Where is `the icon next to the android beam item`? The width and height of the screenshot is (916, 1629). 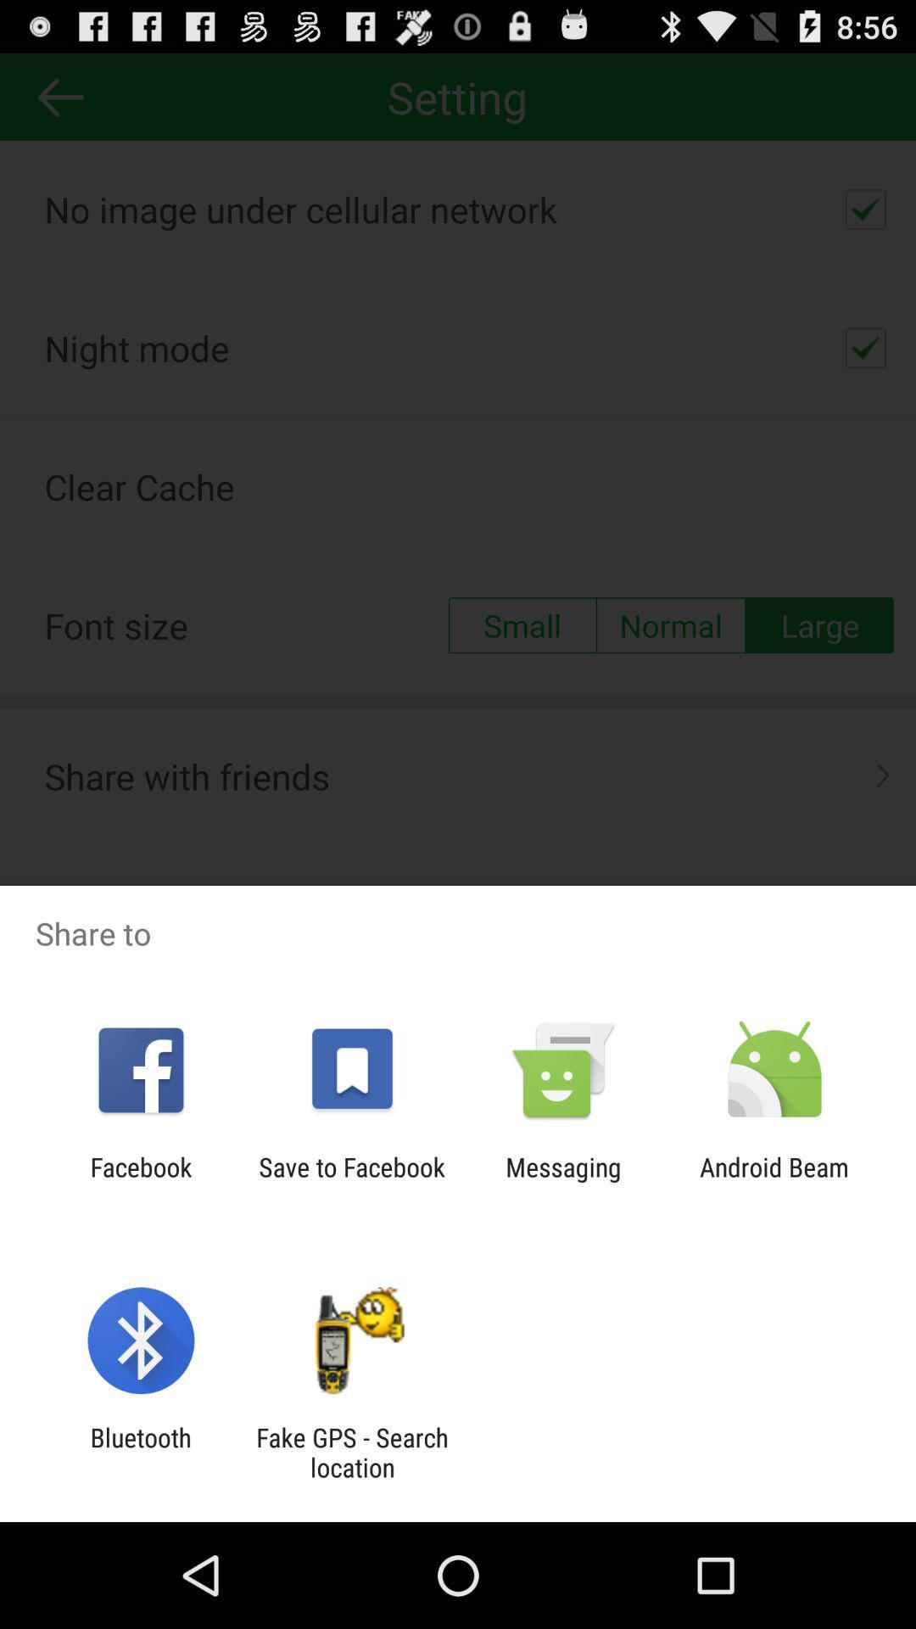
the icon next to the android beam item is located at coordinates (563, 1181).